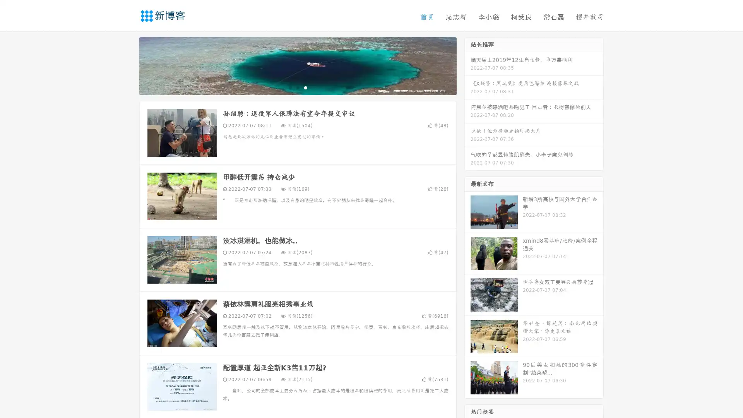  What do you see at coordinates (128, 65) in the screenshot?
I see `Previous slide` at bounding box center [128, 65].